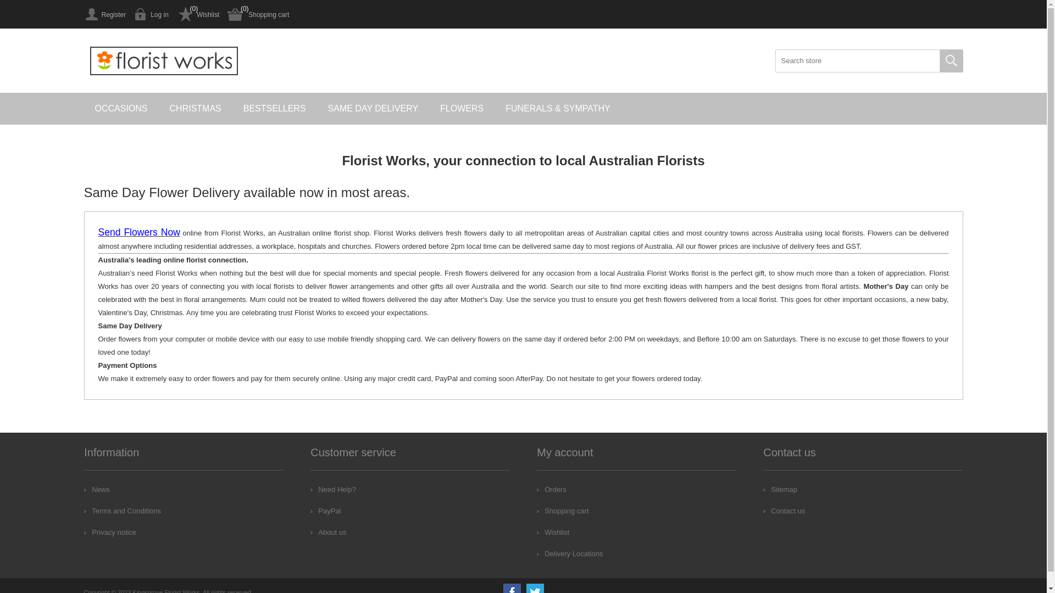 The height and width of the screenshot is (593, 1055). Describe the element at coordinates (274, 108) in the screenshot. I see `'BESTSELLERS'` at that location.